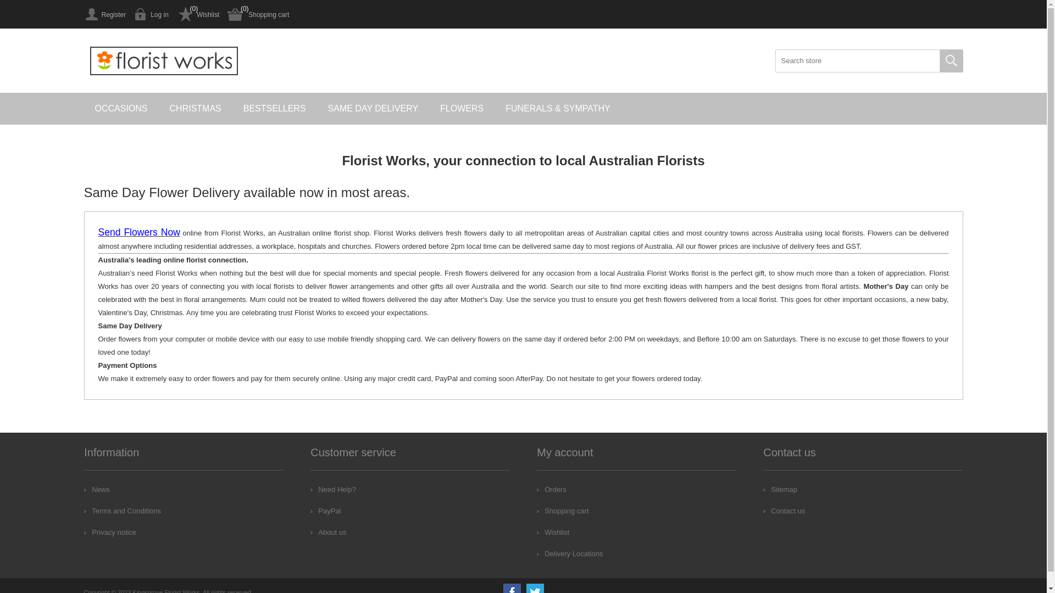 The height and width of the screenshot is (593, 1055). Describe the element at coordinates (274, 108) in the screenshot. I see `'BESTSELLERS'` at that location.